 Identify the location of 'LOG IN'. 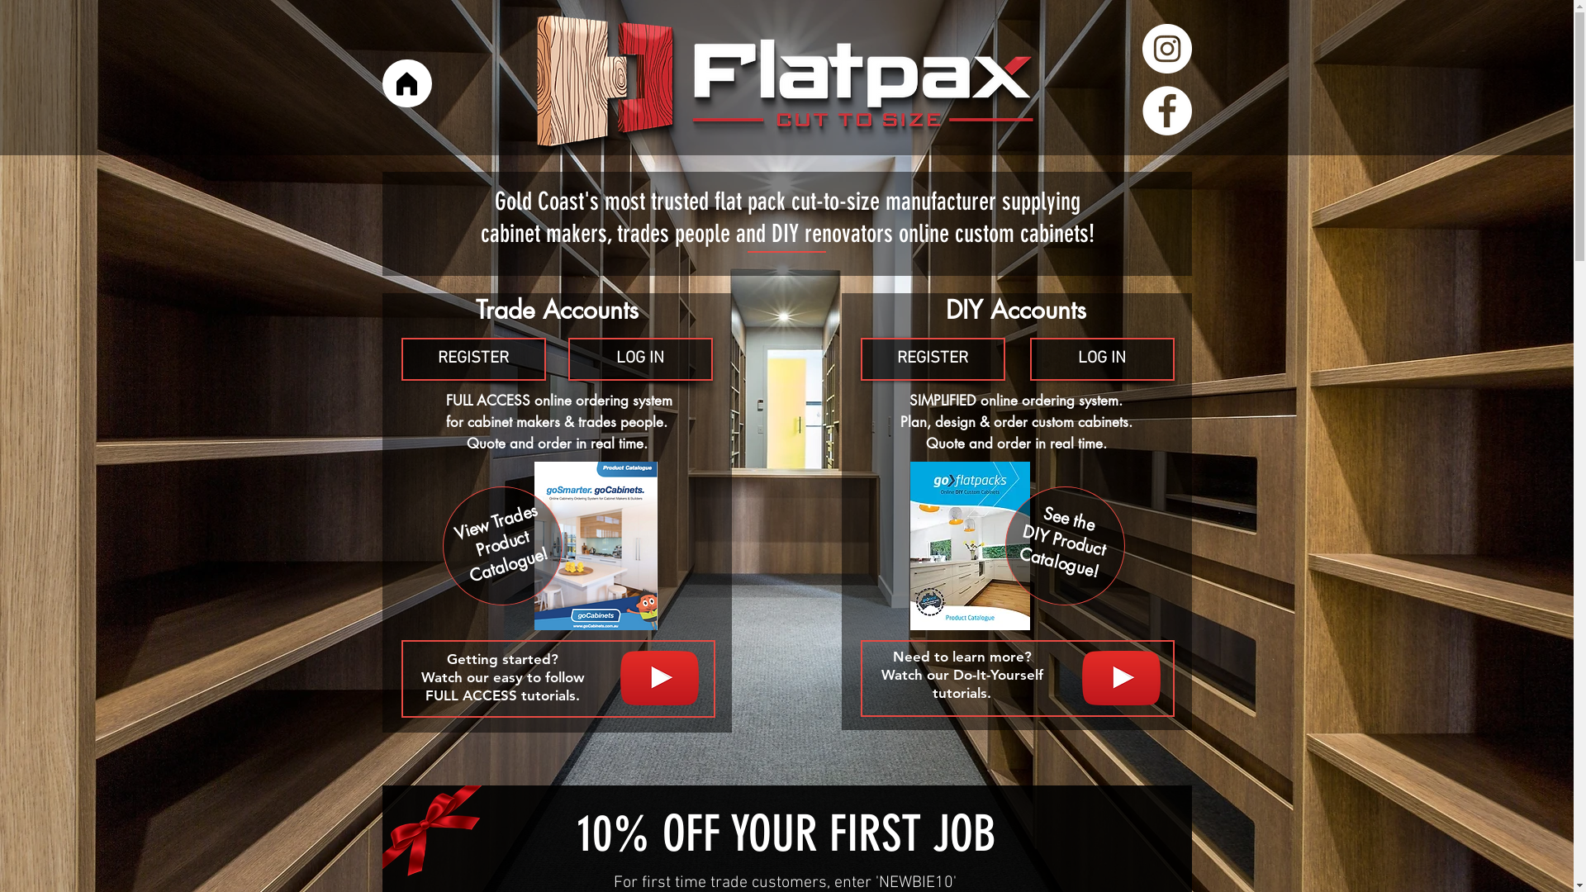
(567, 358).